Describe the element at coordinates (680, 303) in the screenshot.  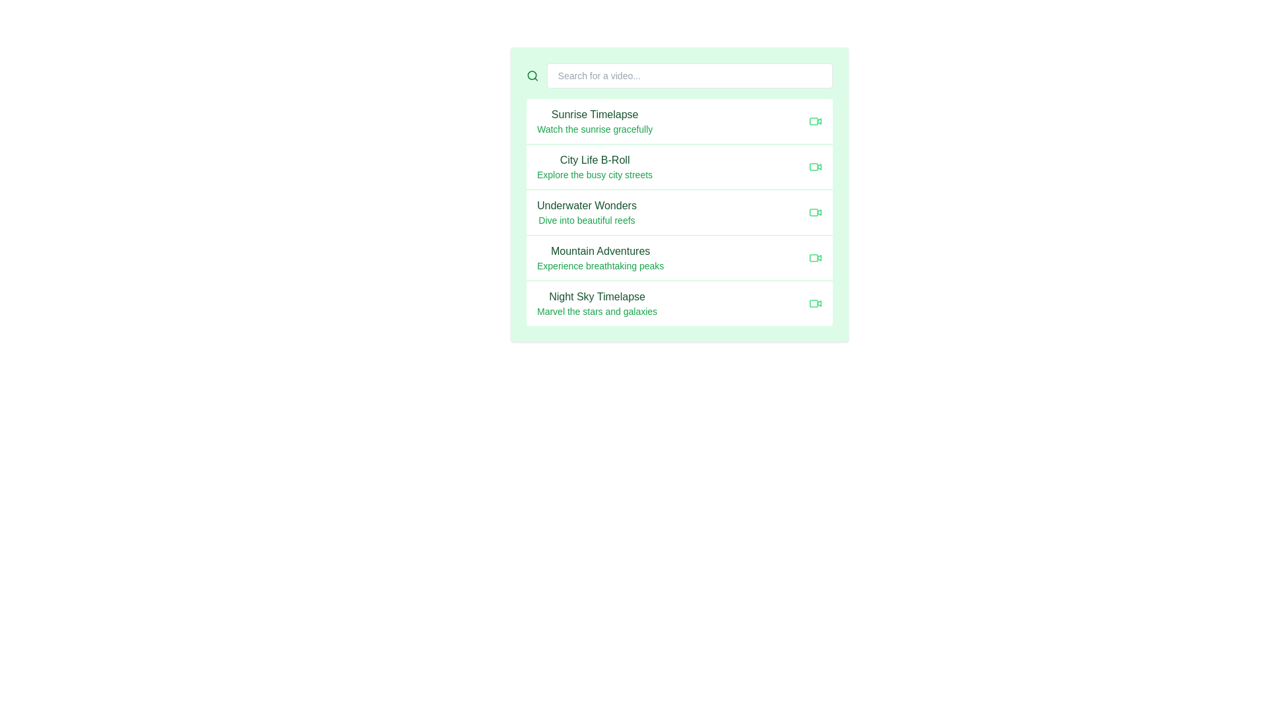
I see `the list item titled 'Night Sky Timelapse'` at that location.